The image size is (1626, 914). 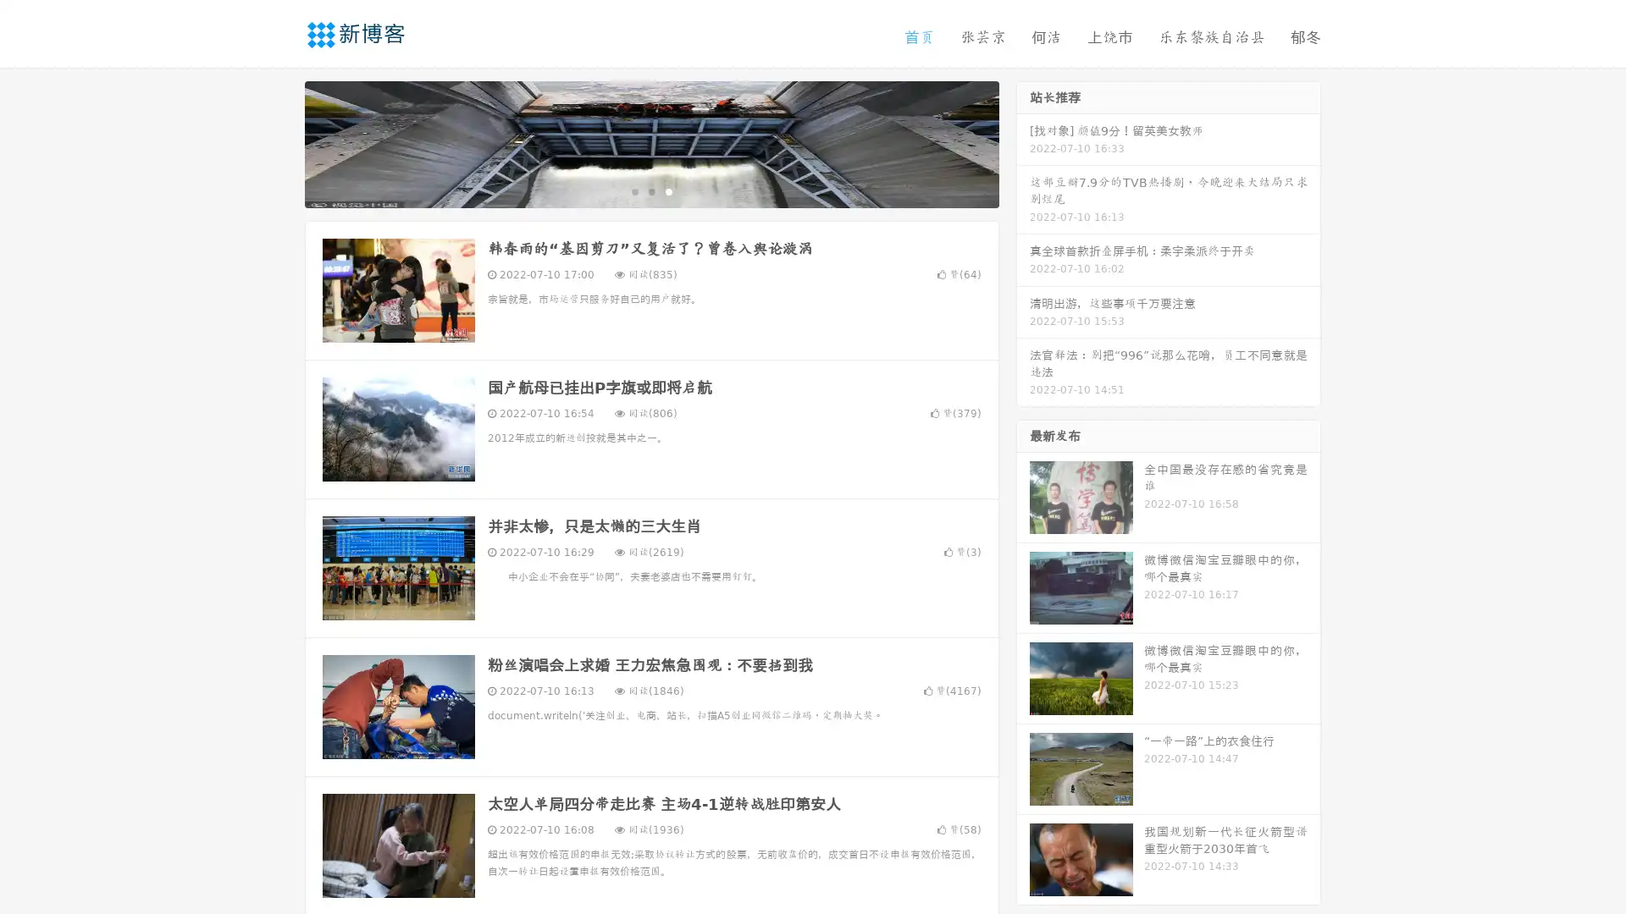 I want to click on Go to slide 1, so click(x=633, y=190).